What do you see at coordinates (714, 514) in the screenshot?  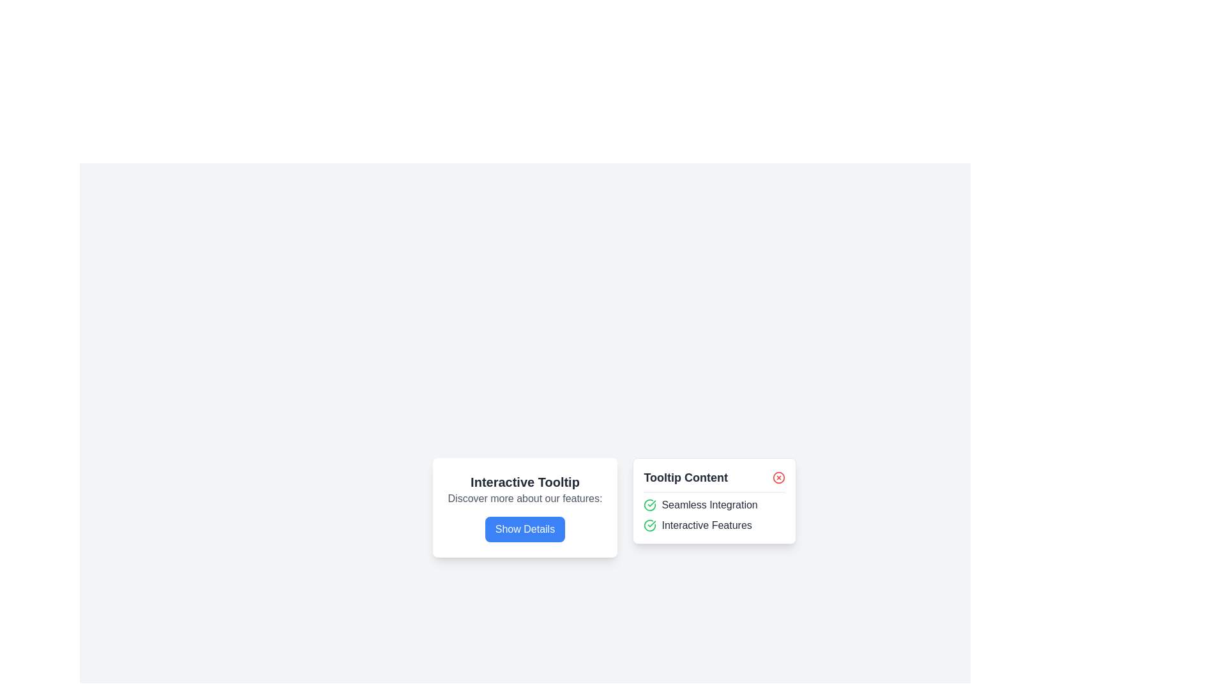 I see `the feature list with confirmation icons located below the 'Tooltip Content' section in the tooltip box` at bounding box center [714, 514].